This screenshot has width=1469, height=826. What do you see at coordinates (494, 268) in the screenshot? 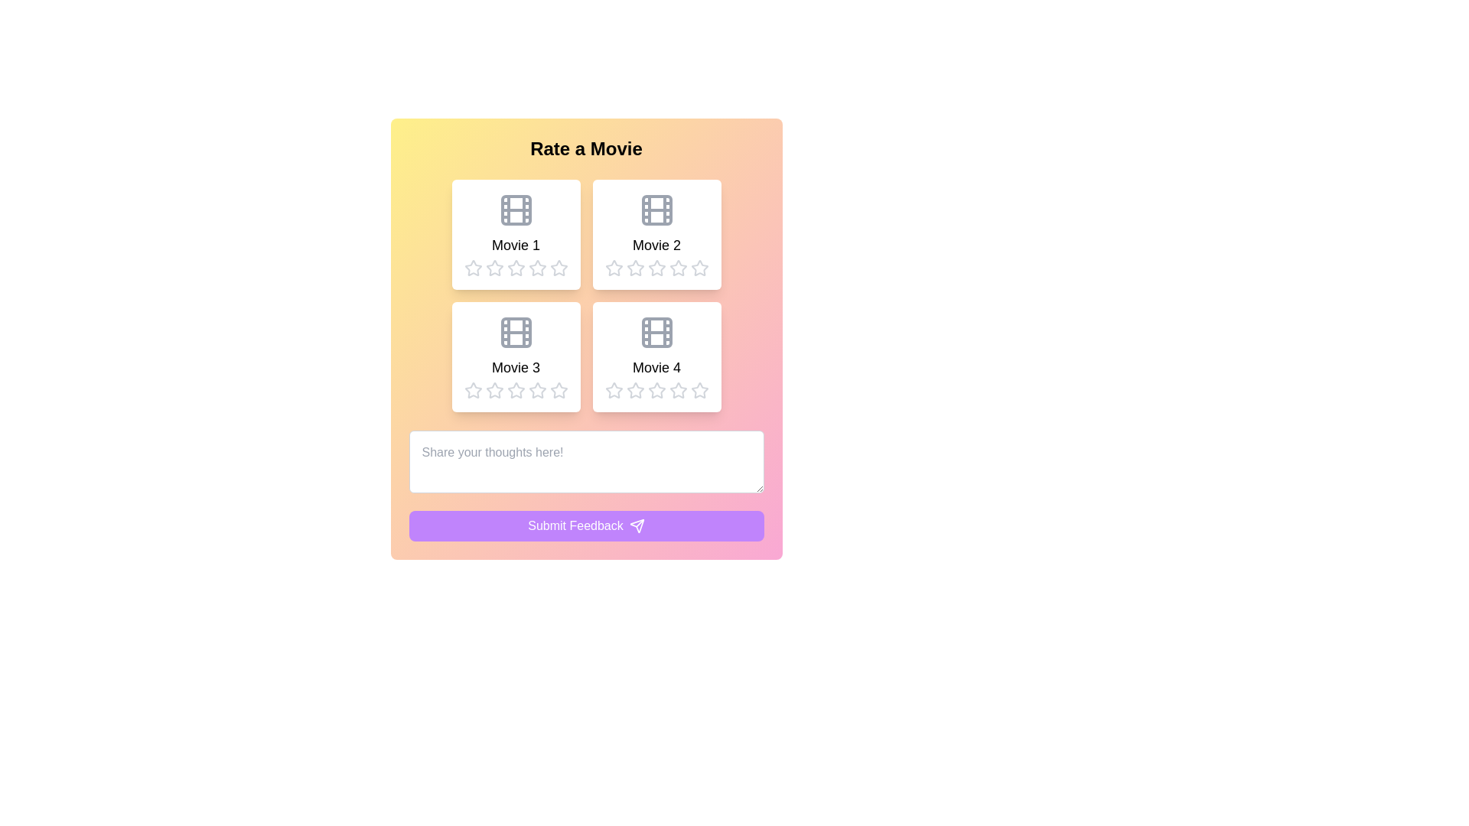
I see `the second interactive rating star icon under 'Movie 1' for keyboard interaction` at bounding box center [494, 268].